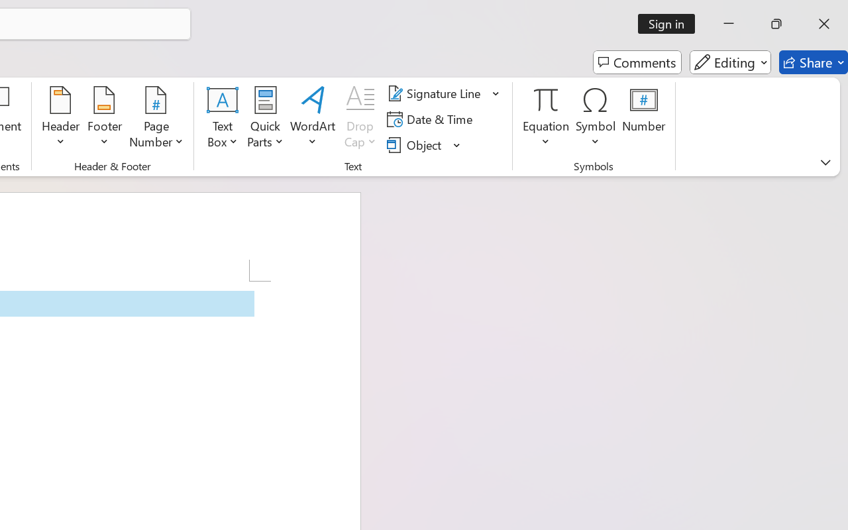 This screenshot has height=530, width=848. Describe the element at coordinates (436, 93) in the screenshot. I see `'Signature Line'` at that location.